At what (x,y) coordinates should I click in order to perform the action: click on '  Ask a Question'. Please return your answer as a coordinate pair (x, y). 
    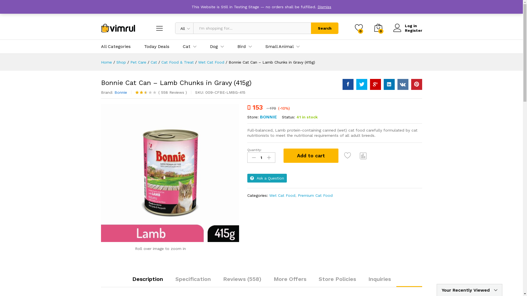
    Looking at the image, I should click on (267, 178).